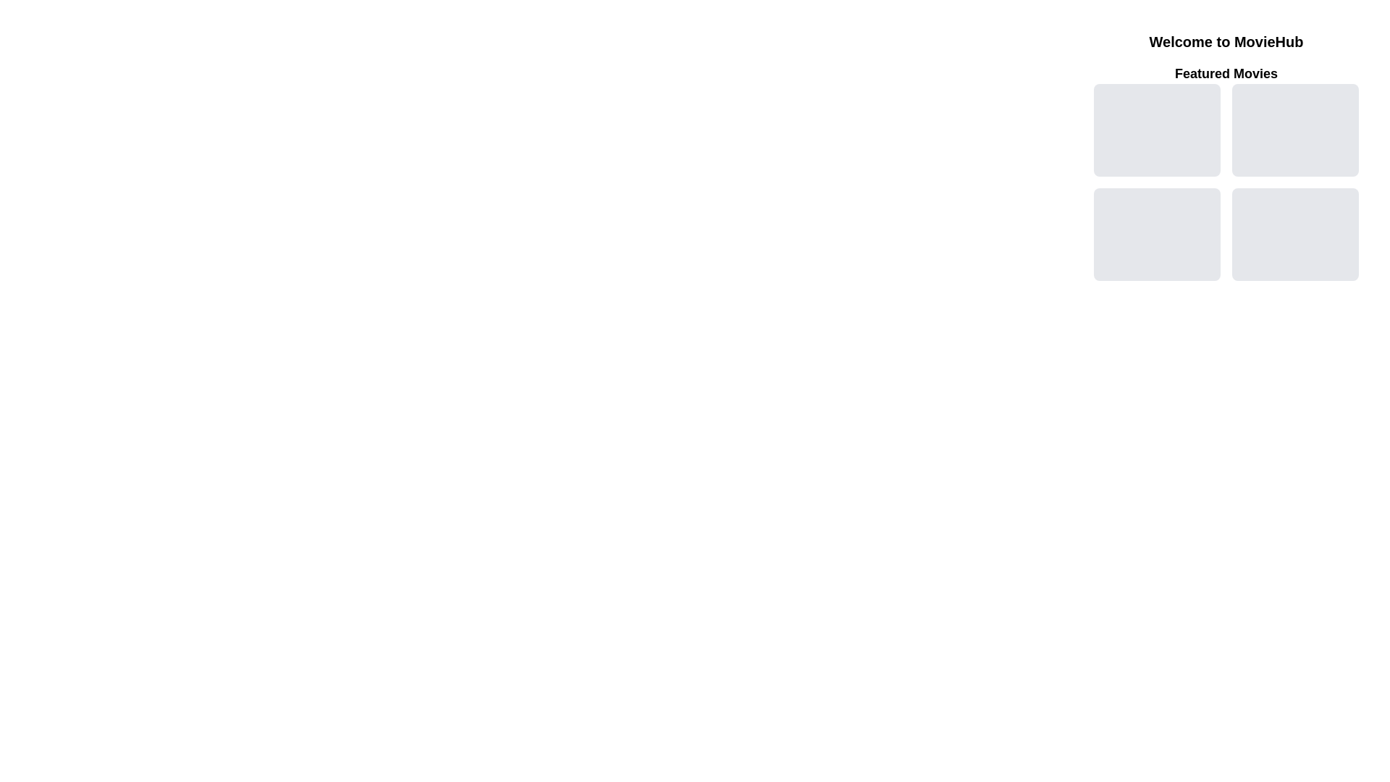 Image resolution: width=1390 pixels, height=782 pixels. Describe the element at coordinates (1295, 234) in the screenshot. I see `the rectangular placeholder element with rounded corners and a pale gray background located in the bottom-right corner of a 2x2 grid layout` at that location.